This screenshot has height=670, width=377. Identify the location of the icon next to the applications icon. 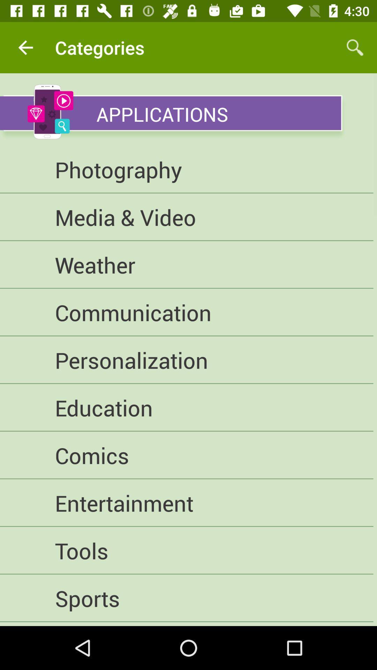
(50, 112).